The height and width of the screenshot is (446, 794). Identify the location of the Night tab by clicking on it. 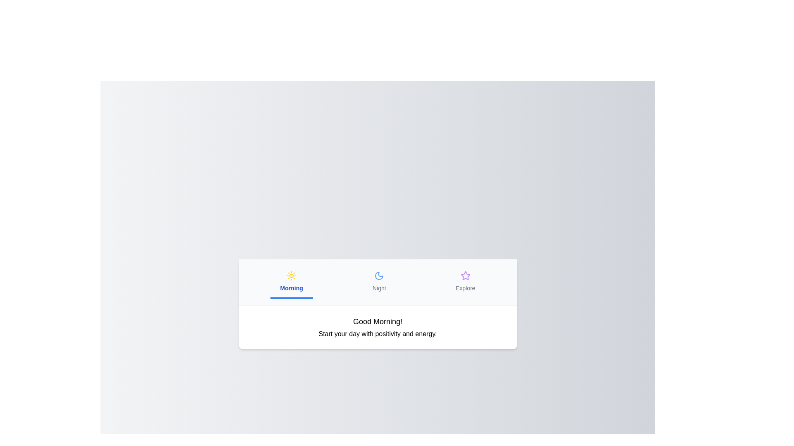
(378, 281).